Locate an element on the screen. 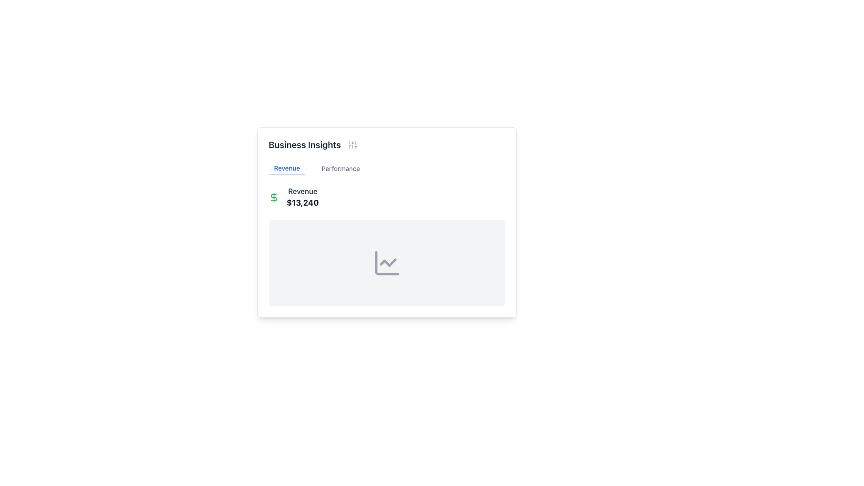 This screenshot has width=864, height=486. the line chart icon in the 'Business Insights' card located in the 'Revenue' section for related functionalities is located at coordinates (387, 263).